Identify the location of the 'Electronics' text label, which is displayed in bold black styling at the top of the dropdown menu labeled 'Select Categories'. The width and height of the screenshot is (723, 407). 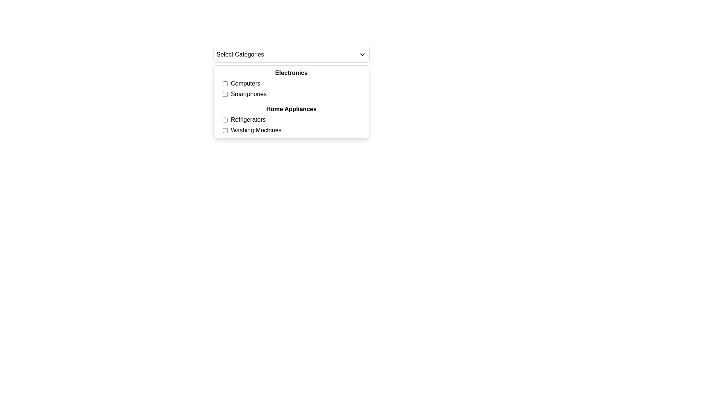
(291, 73).